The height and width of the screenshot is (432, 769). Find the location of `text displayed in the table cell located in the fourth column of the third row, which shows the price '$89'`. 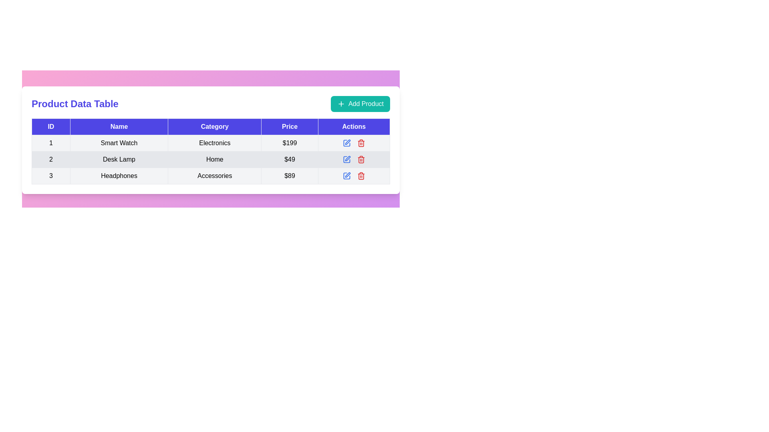

text displayed in the table cell located in the fourth column of the third row, which shows the price '$89' is located at coordinates (289, 175).